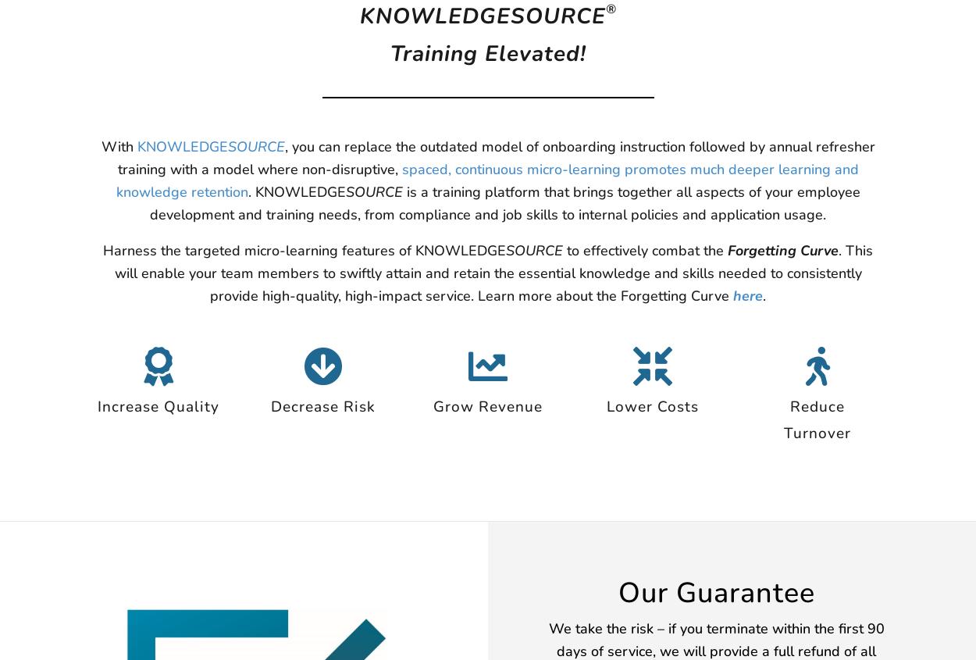 The width and height of the screenshot is (976, 660). Describe the element at coordinates (732, 294) in the screenshot. I see `'here'` at that location.